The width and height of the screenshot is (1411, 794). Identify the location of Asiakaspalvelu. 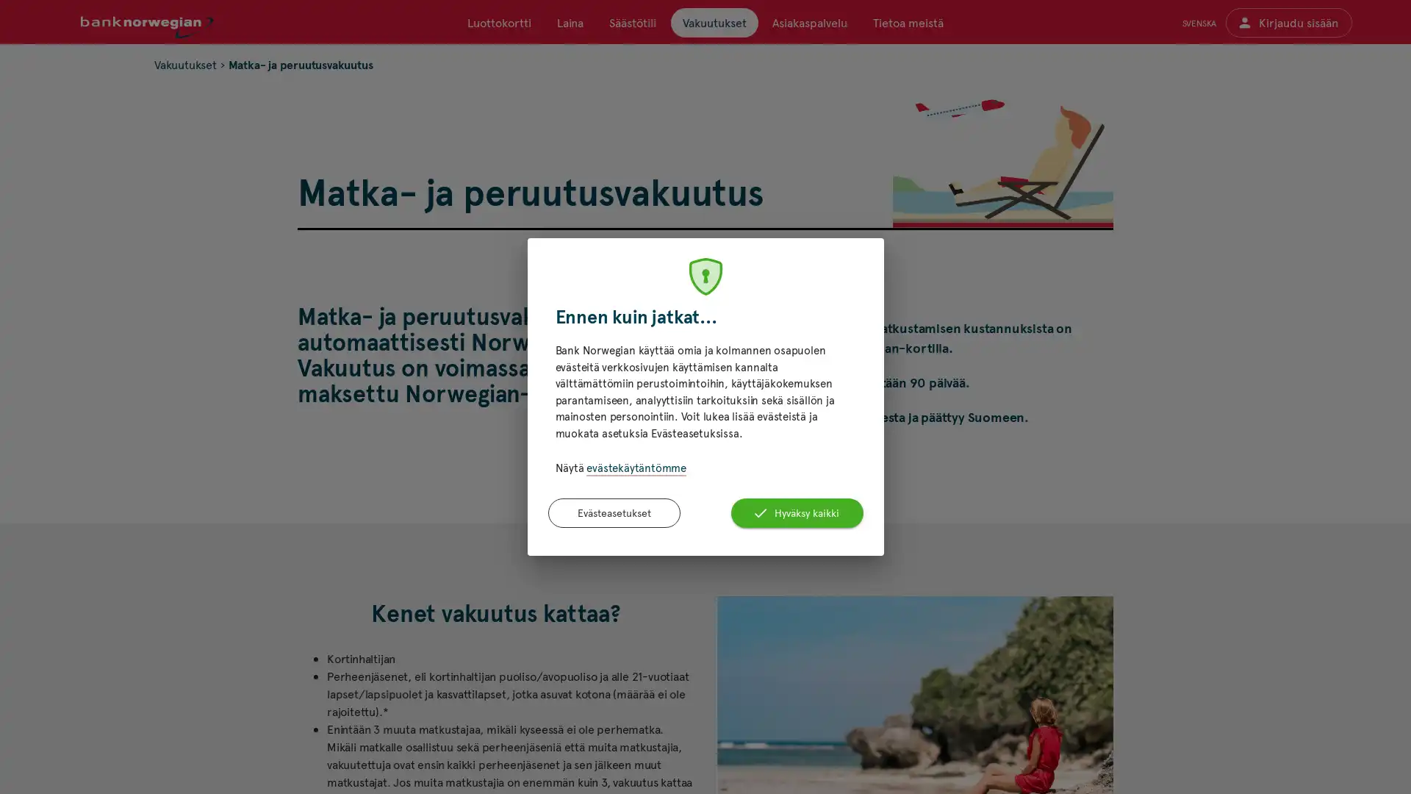
(808, 22).